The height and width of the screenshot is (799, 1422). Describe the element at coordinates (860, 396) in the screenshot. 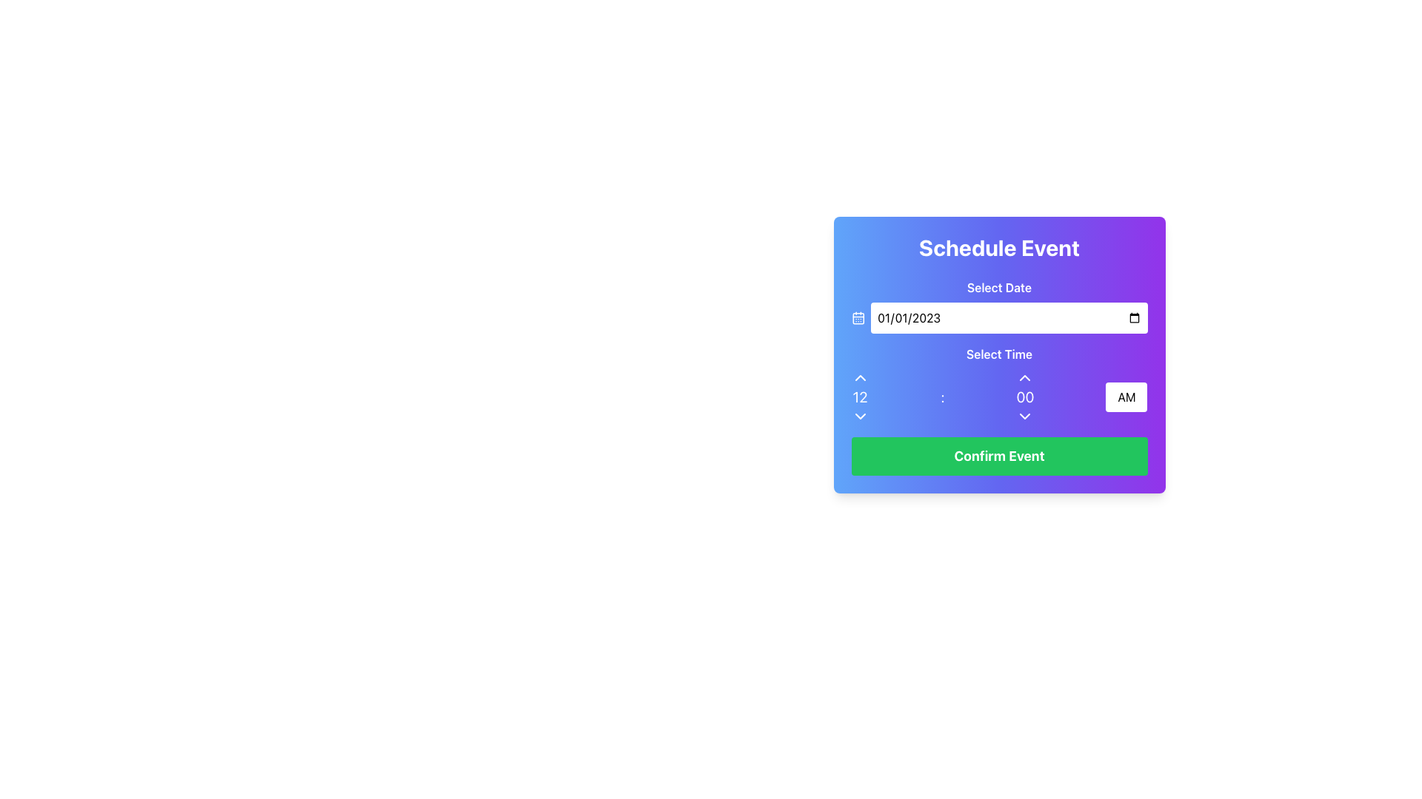

I see `the Text Display component that shows the currently selected hour` at that location.